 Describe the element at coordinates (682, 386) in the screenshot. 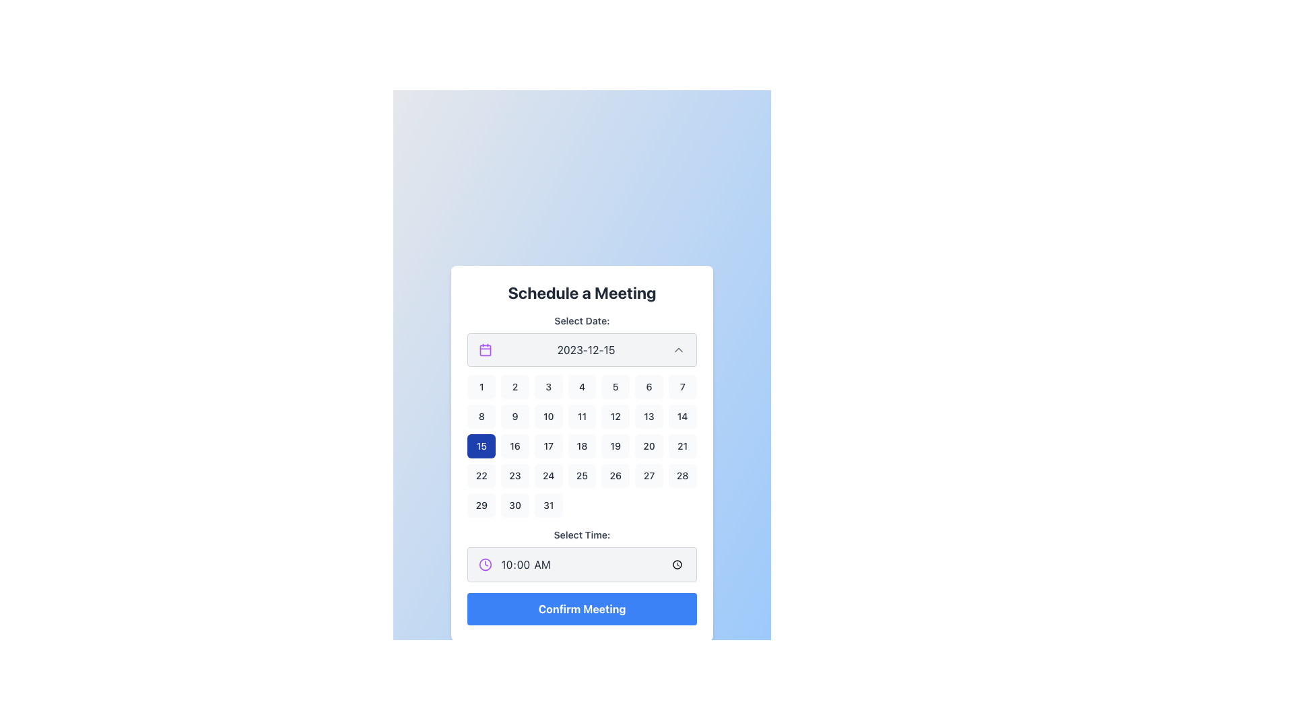

I see `the numerical day button representing the seventh day of the month in the calendar grid layout, located in the first row and seventh column` at that location.